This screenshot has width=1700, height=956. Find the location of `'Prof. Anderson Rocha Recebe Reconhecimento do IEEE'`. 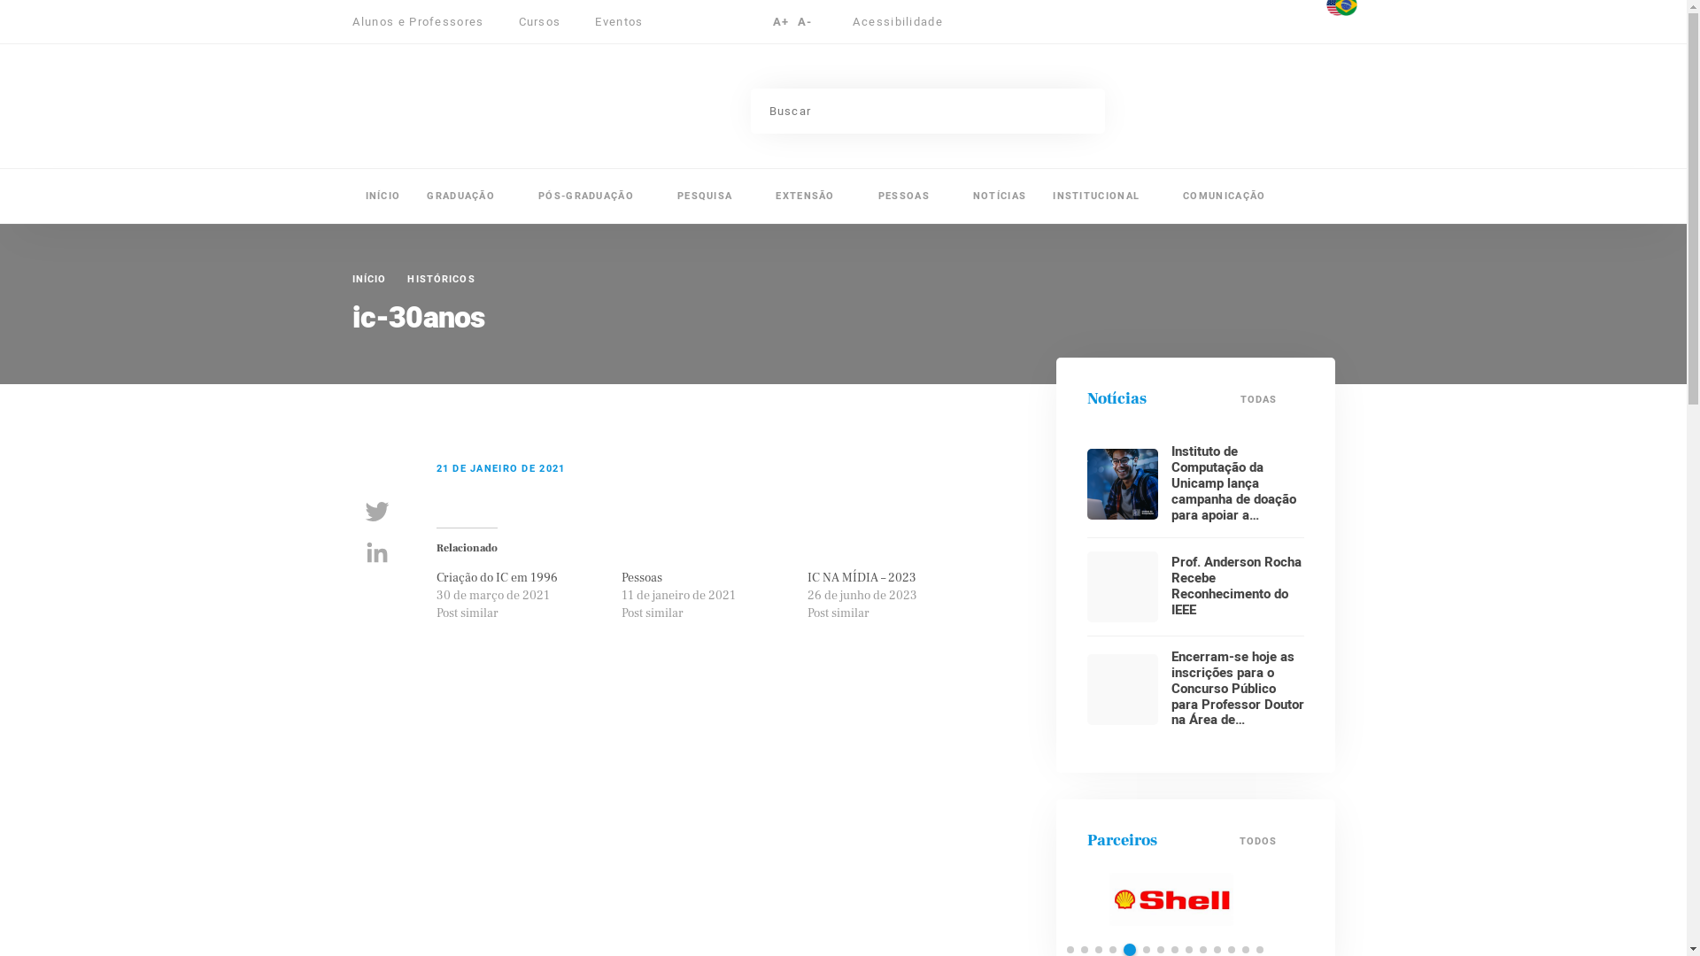

'Prof. Anderson Rocha Recebe Reconhecimento do IEEE' is located at coordinates (1234, 586).